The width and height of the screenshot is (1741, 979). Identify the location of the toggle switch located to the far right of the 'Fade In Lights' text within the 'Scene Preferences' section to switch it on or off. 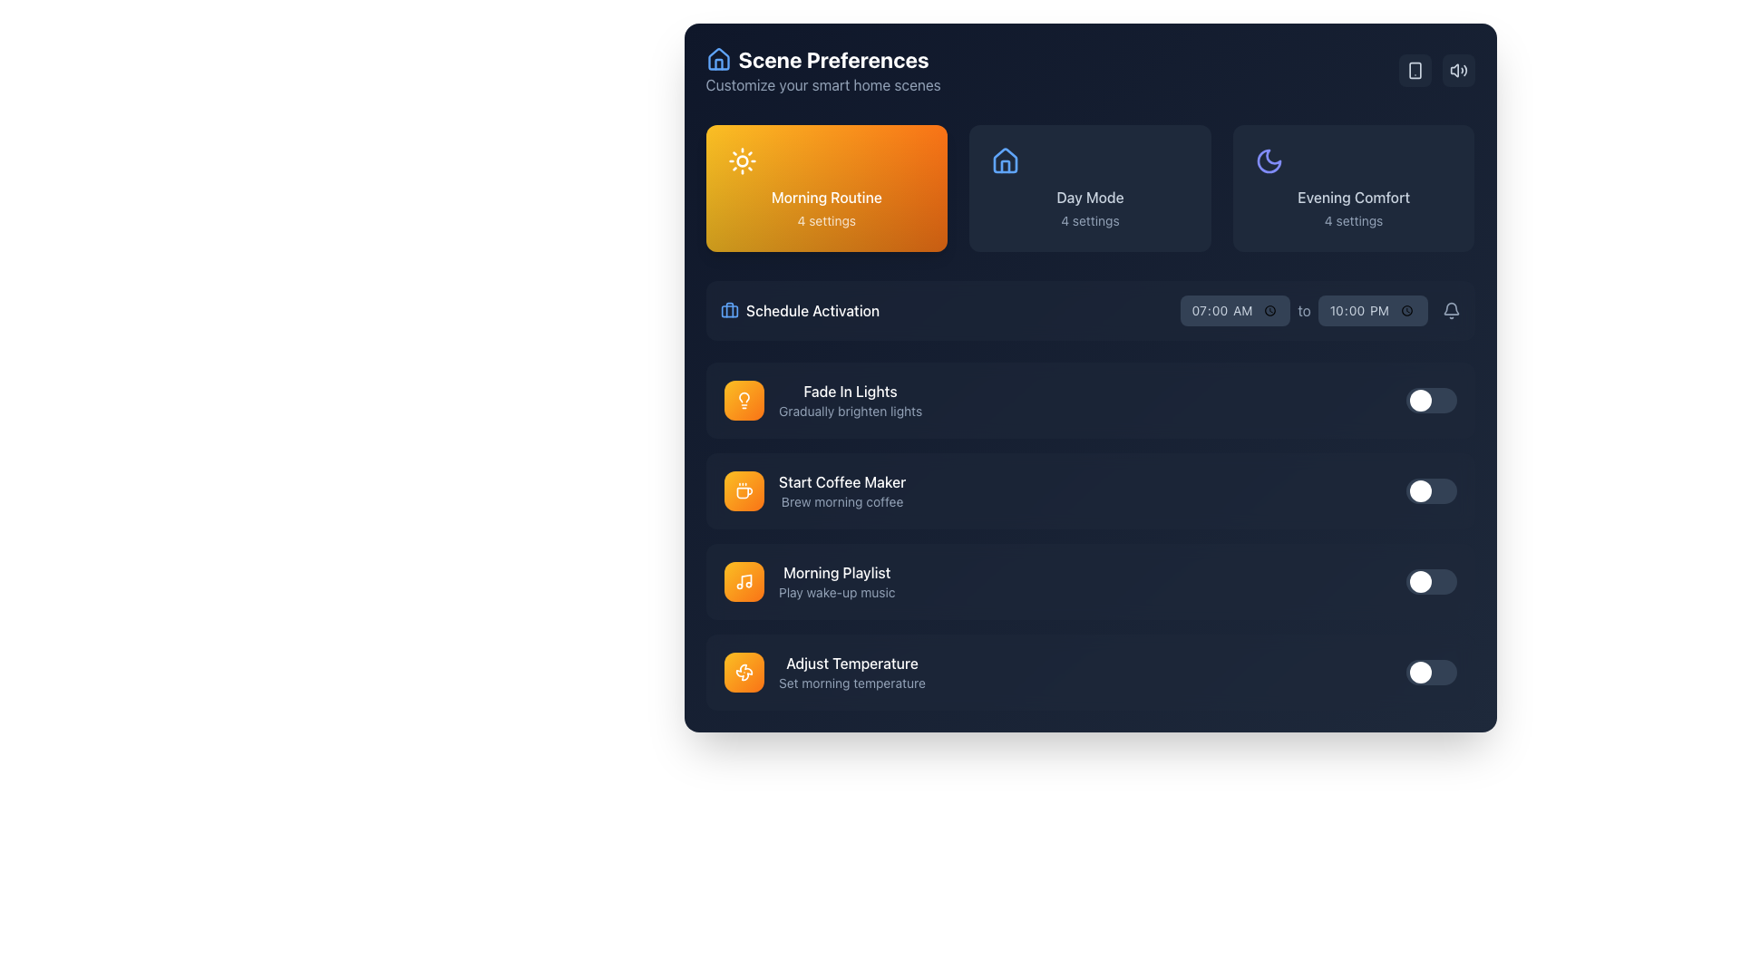
(1430, 400).